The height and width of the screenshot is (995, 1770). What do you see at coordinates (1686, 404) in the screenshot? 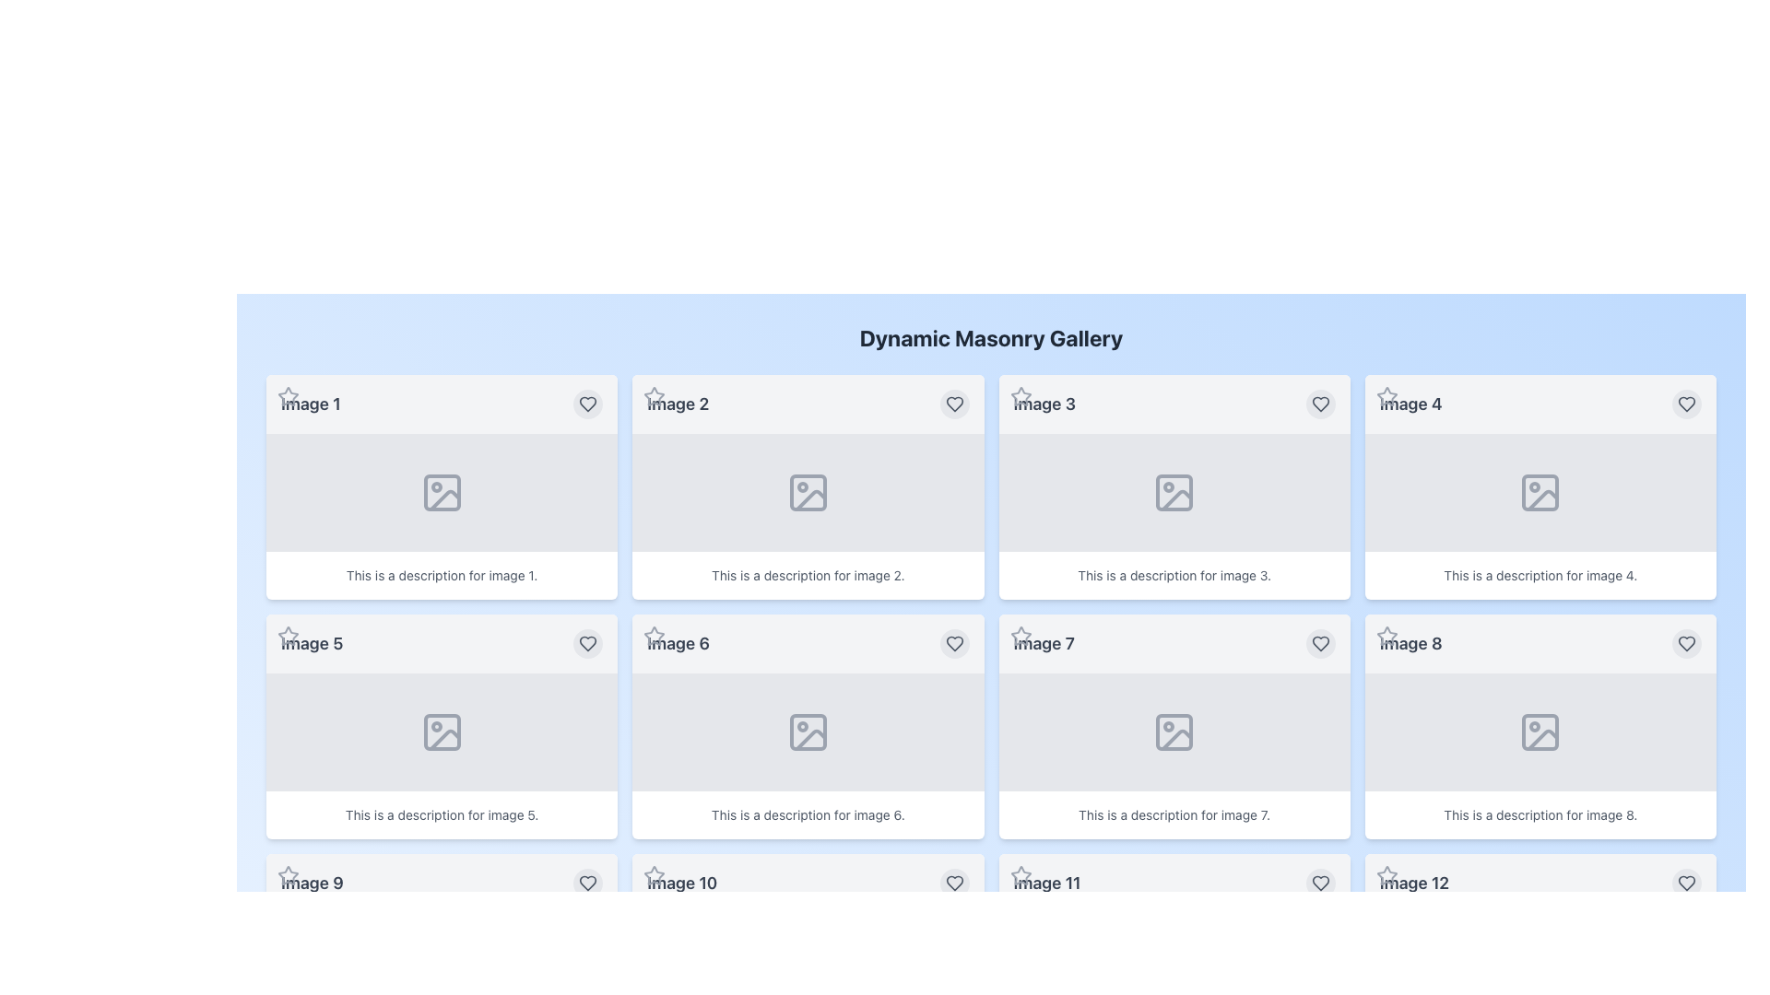
I see `the heart icon located in the upper-right corner of the card labeled 'Image 4'` at bounding box center [1686, 404].